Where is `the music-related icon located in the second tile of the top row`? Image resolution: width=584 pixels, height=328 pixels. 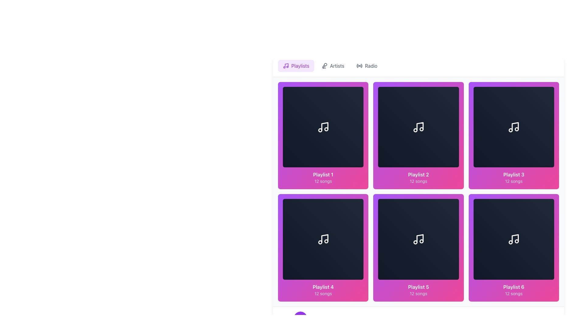 the music-related icon located in the second tile of the top row is located at coordinates (418, 127).